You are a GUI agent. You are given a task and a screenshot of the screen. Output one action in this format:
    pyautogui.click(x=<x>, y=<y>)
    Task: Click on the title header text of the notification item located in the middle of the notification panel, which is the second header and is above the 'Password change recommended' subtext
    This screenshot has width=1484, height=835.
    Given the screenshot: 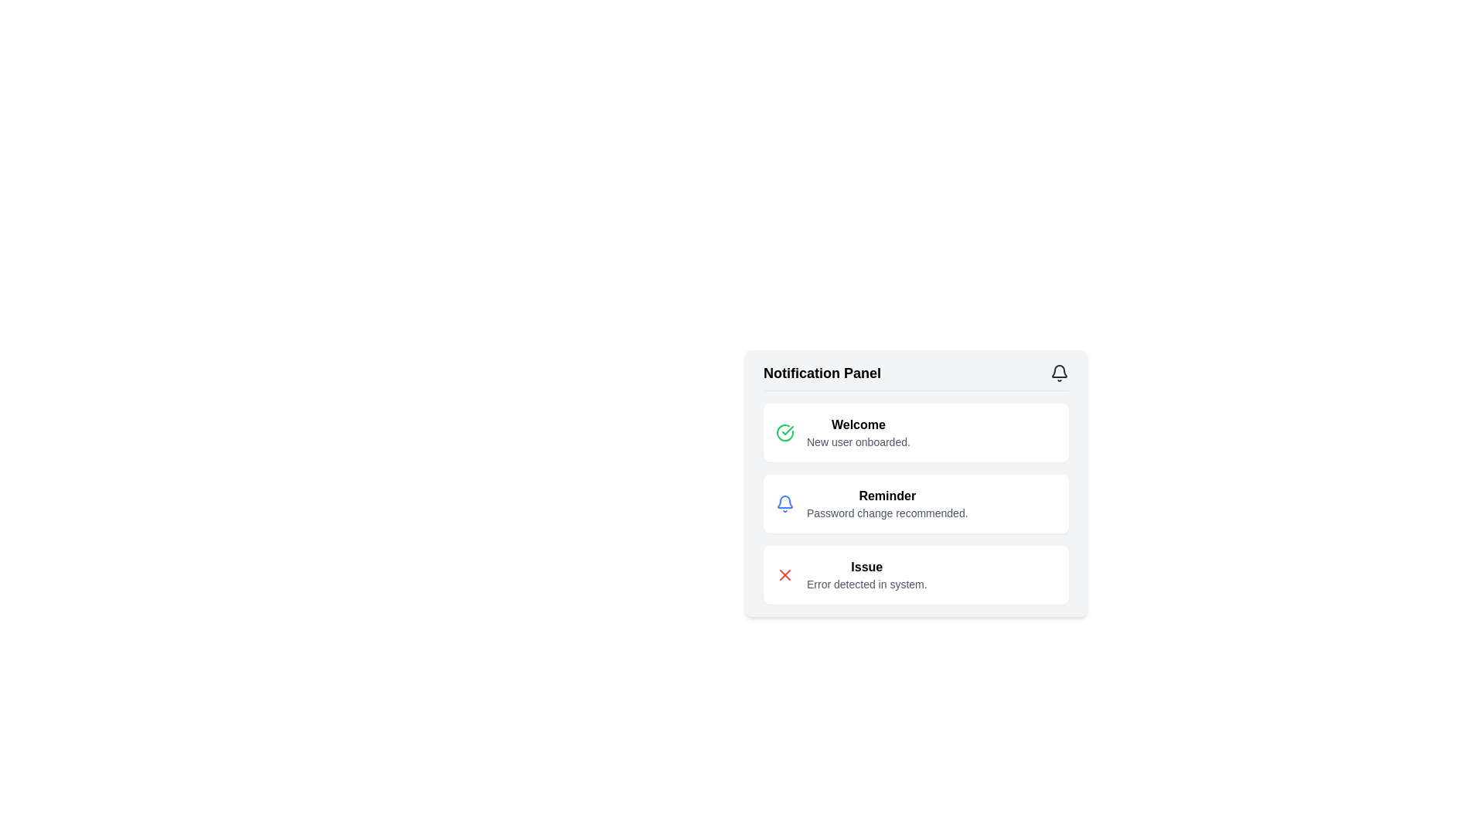 What is the action you would take?
    pyautogui.click(x=887, y=496)
    